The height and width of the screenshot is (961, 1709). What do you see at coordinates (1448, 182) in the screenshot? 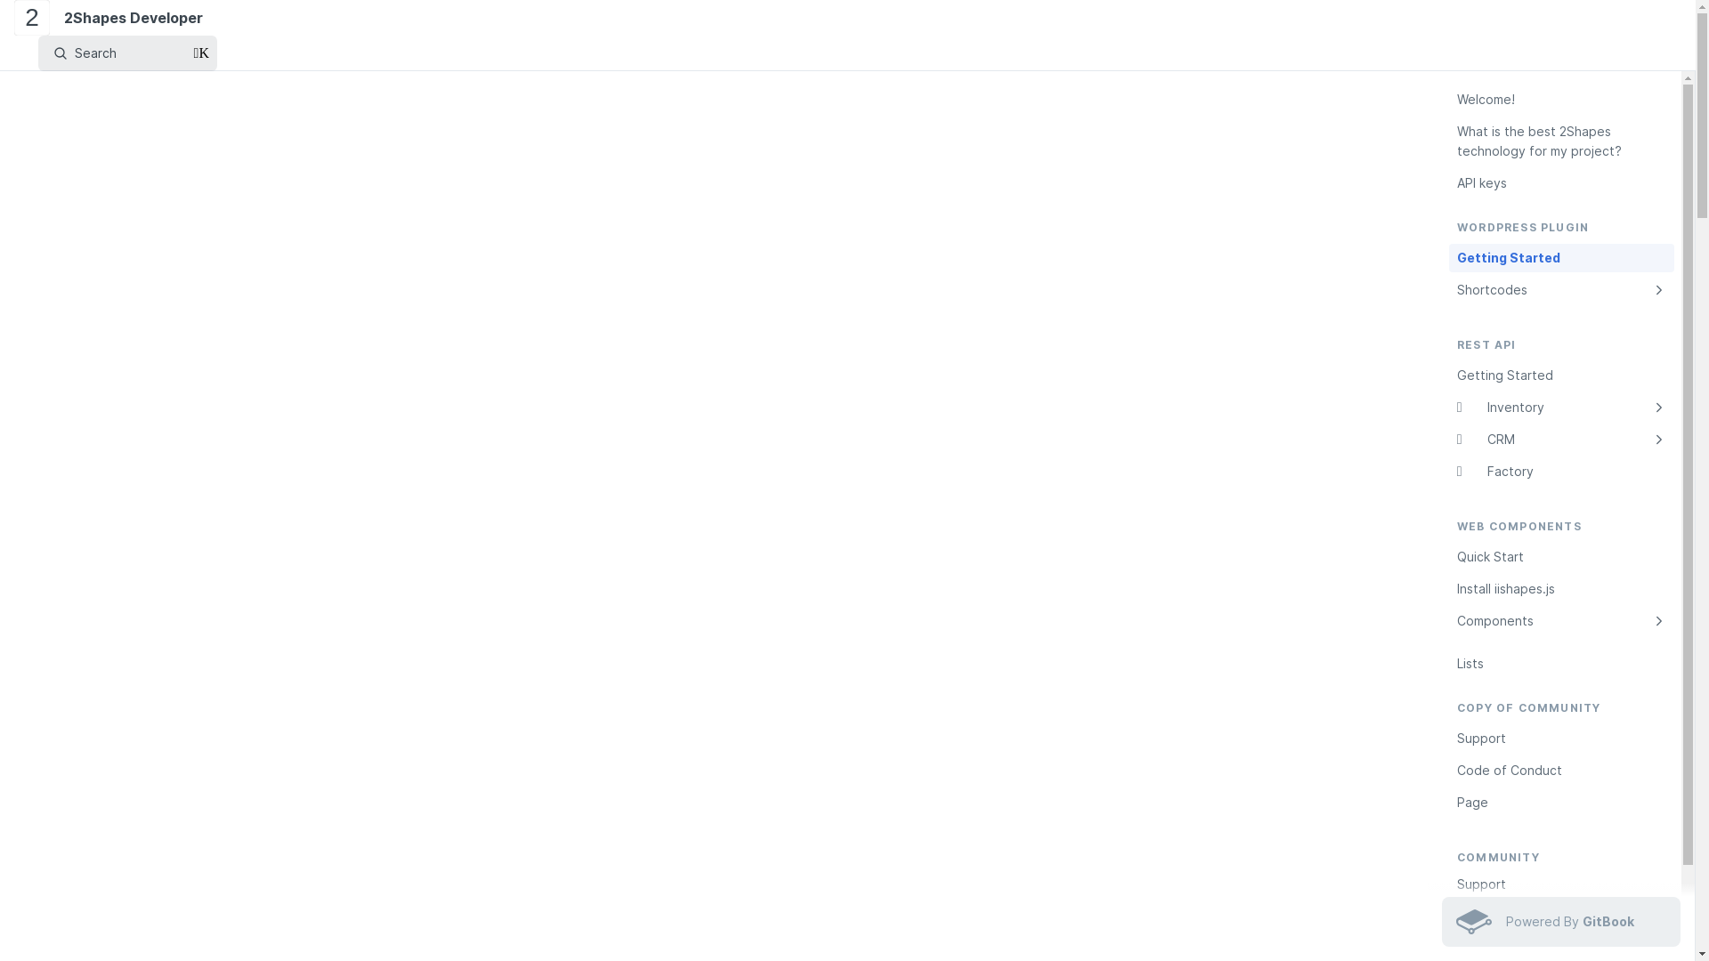
I see `'API keys'` at bounding box center [1448, 182].